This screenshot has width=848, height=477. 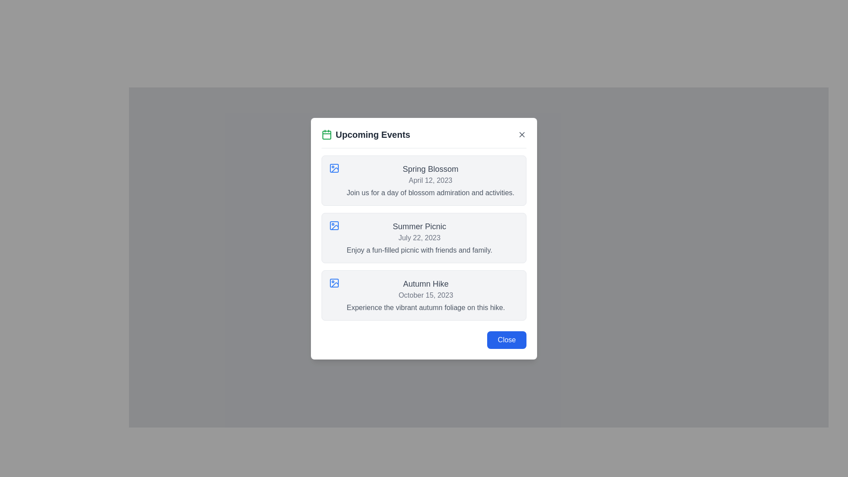 I want to click on the decorative SVG shape with rounded corners located at the center of the icon next to the 'Autumn Hike' event description in the third row of the 'Upcoming Events' modal, so click(x=334, y=283).